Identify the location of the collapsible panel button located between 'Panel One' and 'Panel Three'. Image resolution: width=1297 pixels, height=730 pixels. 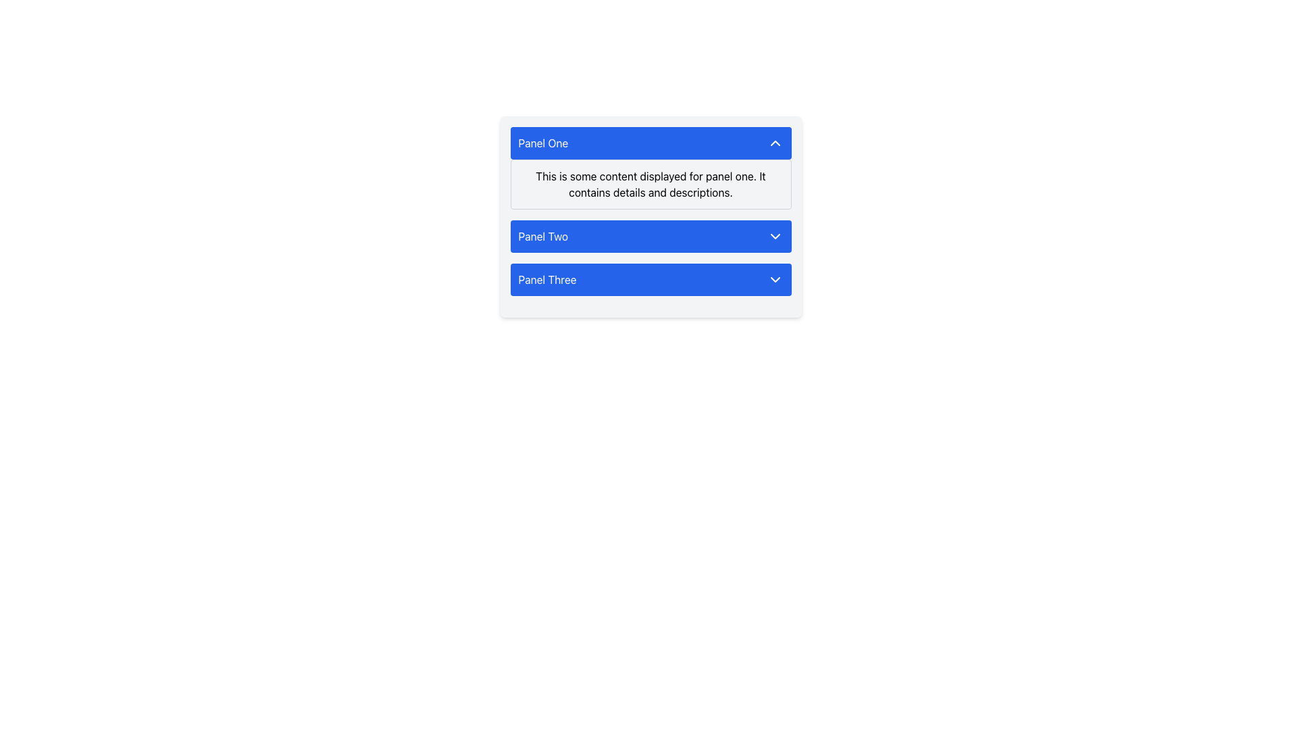
(651, 236).